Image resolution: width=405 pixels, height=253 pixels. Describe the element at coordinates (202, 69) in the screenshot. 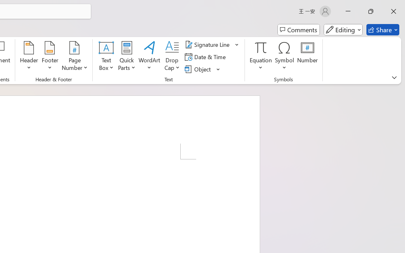

I see `'Object...'` at that location.